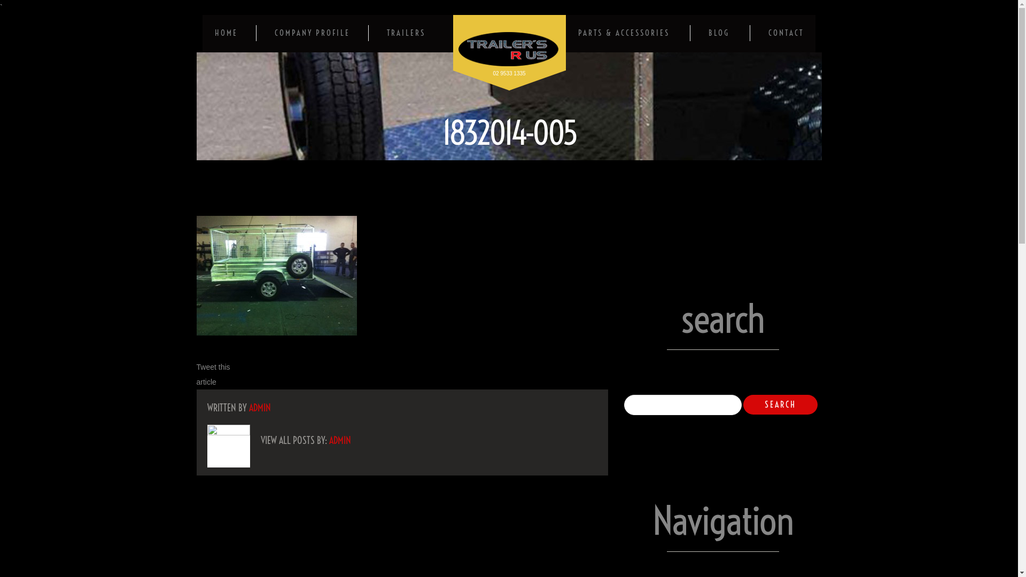 This screenshot has height=577, width=1026. I want to click on 'TRAILERS', so click(405, 32).